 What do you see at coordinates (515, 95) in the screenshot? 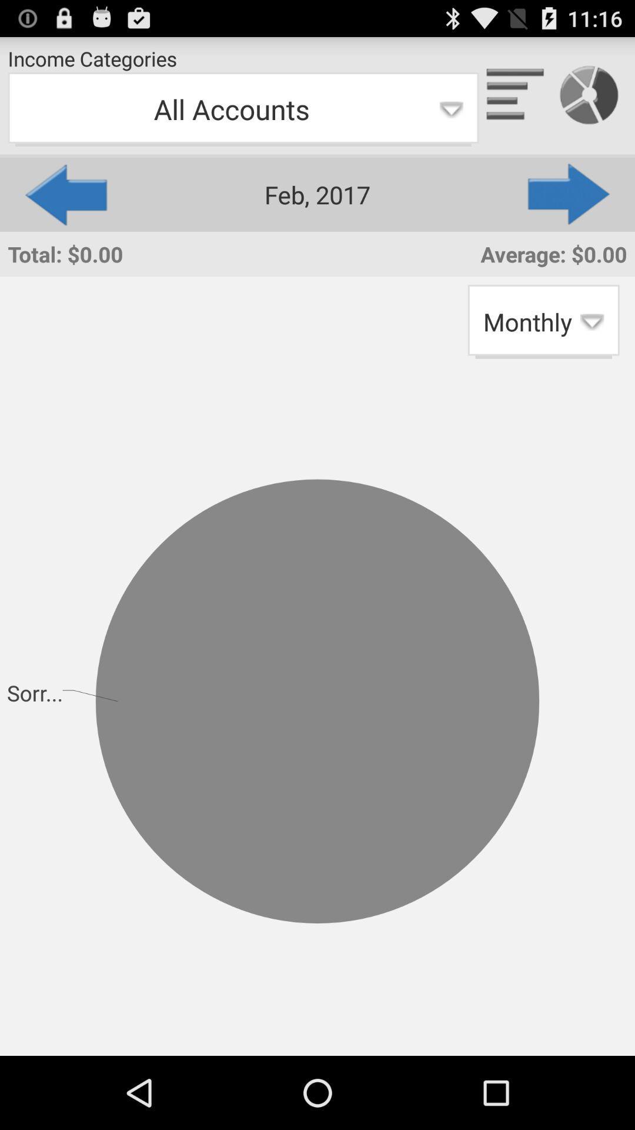
I see `the icon next to the income categories icon` at bounding box center [515, 95].